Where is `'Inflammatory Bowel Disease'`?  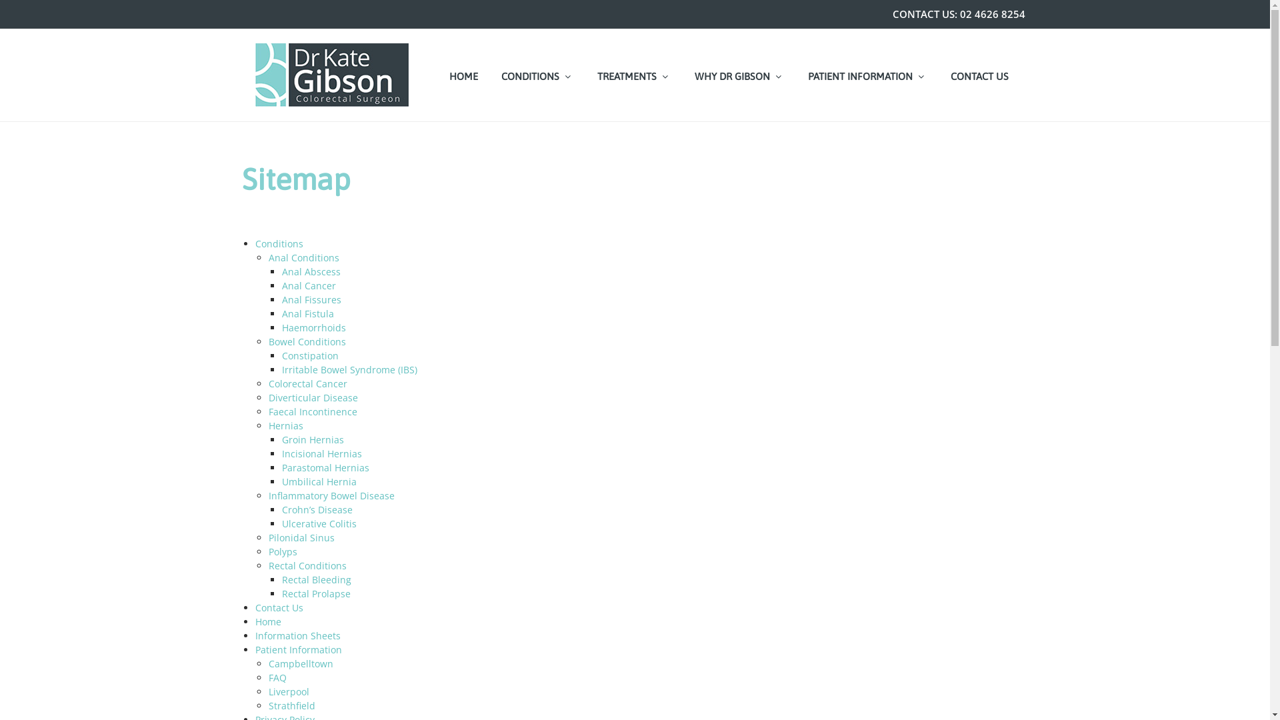
'Inflammatory Bowel Disease' is located at coordinates (331, 495).